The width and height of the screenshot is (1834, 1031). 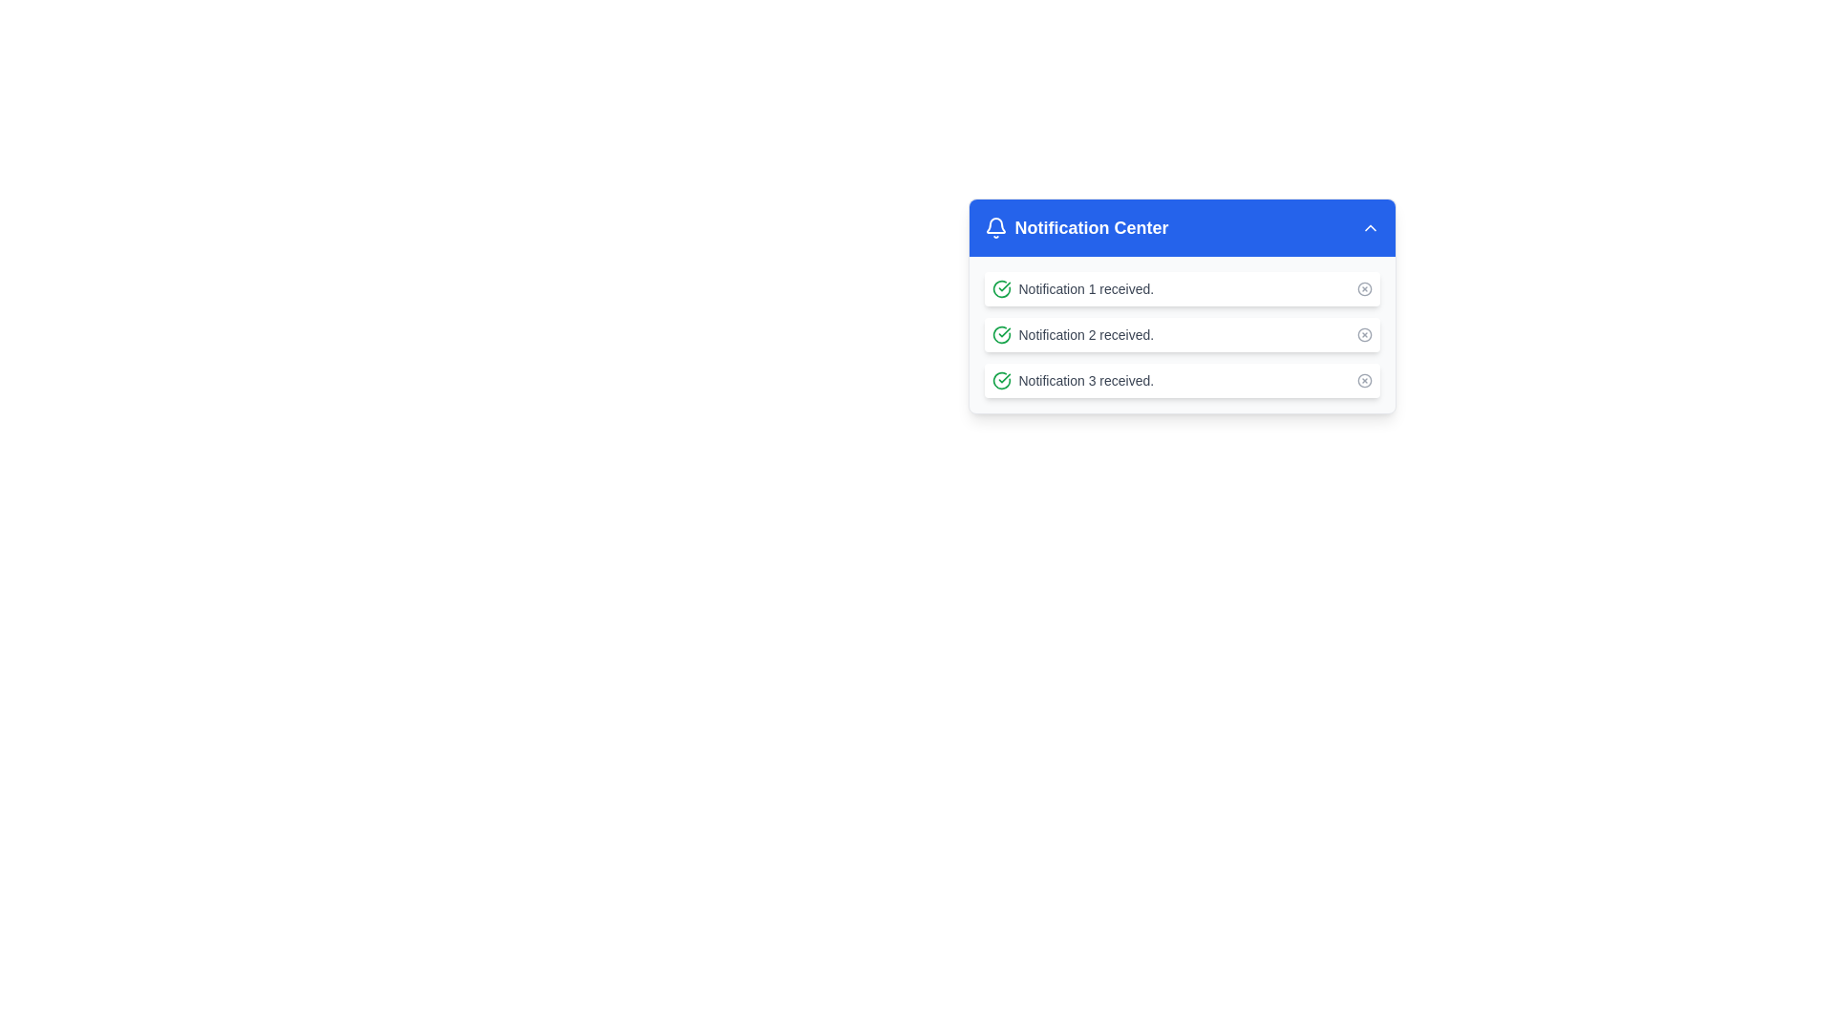 I want to click on message from the notification labeled 'Notification 1 received.' which is the first notification in the Notification Center, so click(x=1073, y=289).